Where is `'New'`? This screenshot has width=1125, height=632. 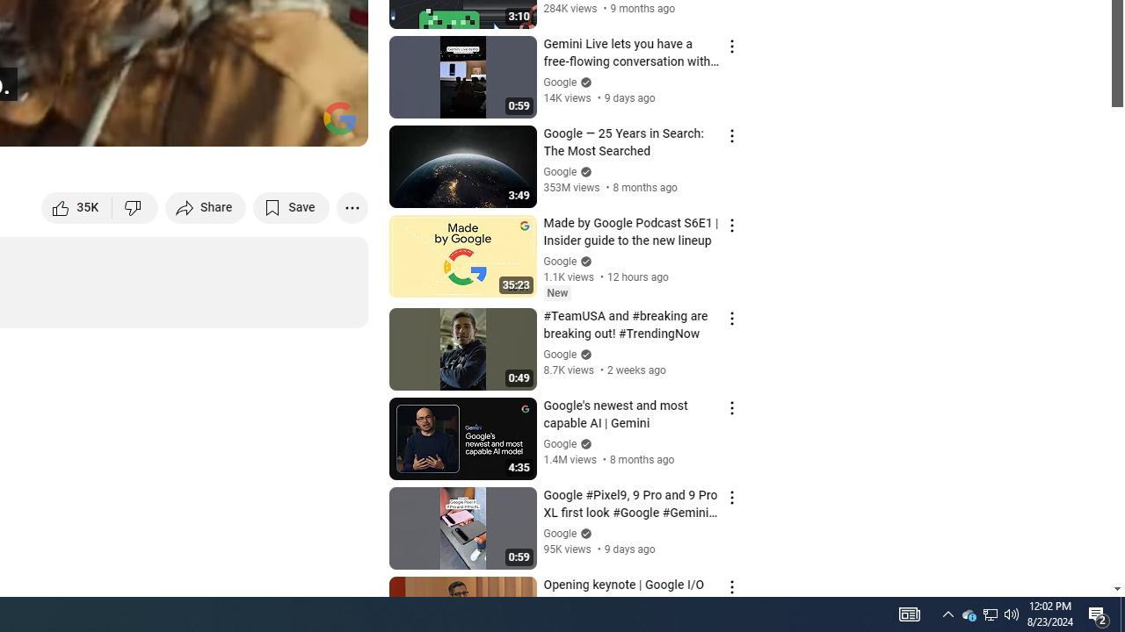 'New' is located at coordinates (556, 291).